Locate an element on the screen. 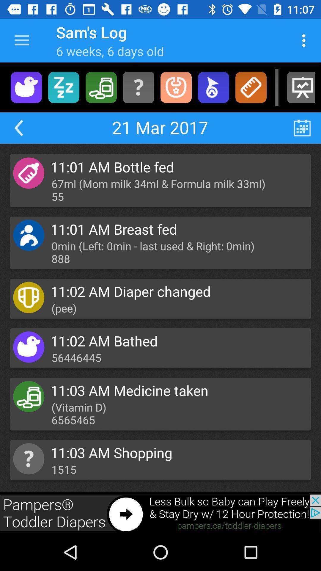  bathed portion of menu is located at coordinates (26, 87).